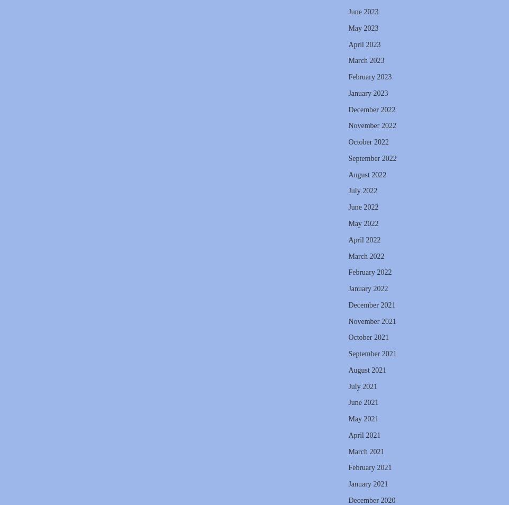 The image size is (509, 505). Describe the element at coordinates (362, 191) in the screenshot. I see `'July 2022'` at that location.